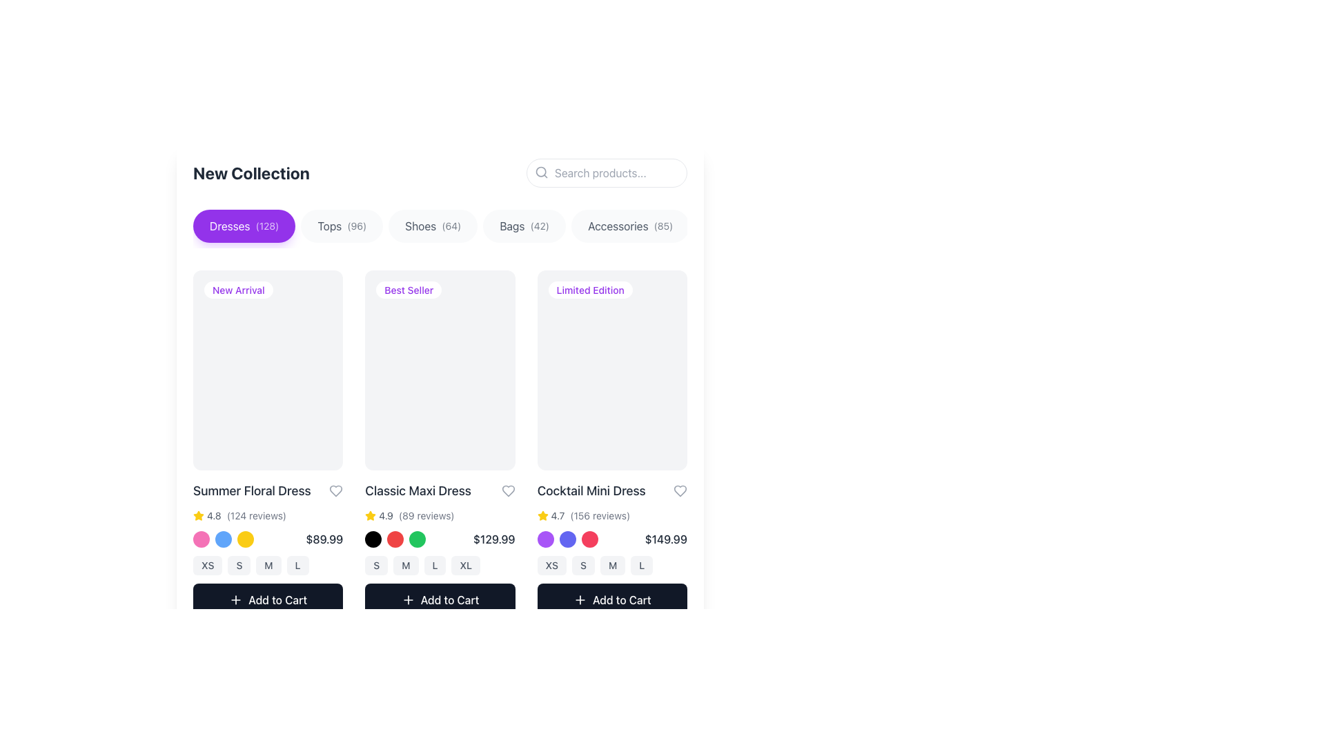  Describe the element at coordinates (244, 225) in the screenshot. I see `the purple button labeled 'Dresses (128)' located` at that location.